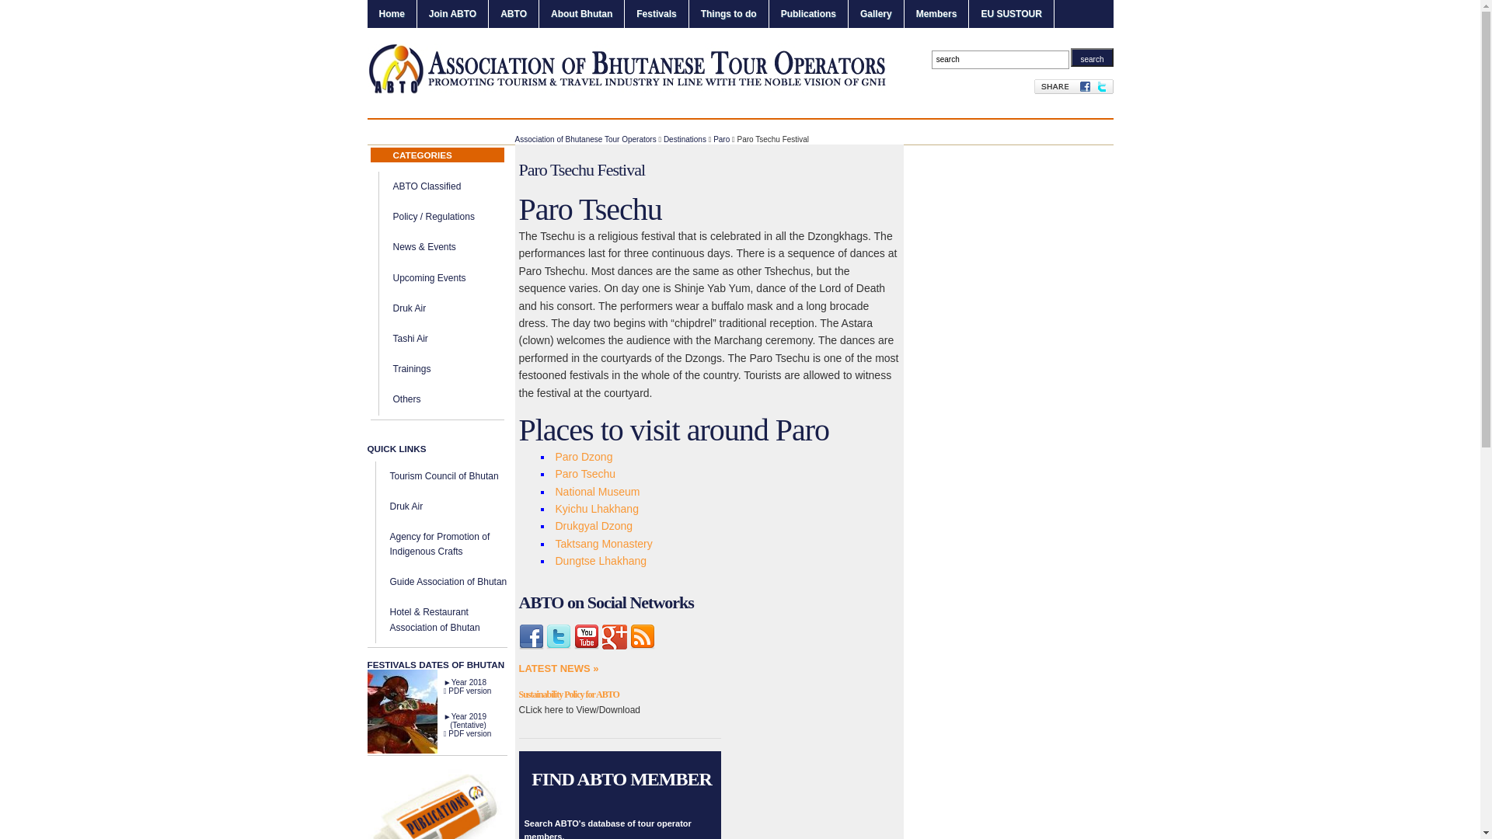 Image resolution: width=1492 pixels, height=839 pixels. Describe the element at coordinates (568, 694) in the screenshot. I see `'Sustainability Policy for ABTO'` at that location.